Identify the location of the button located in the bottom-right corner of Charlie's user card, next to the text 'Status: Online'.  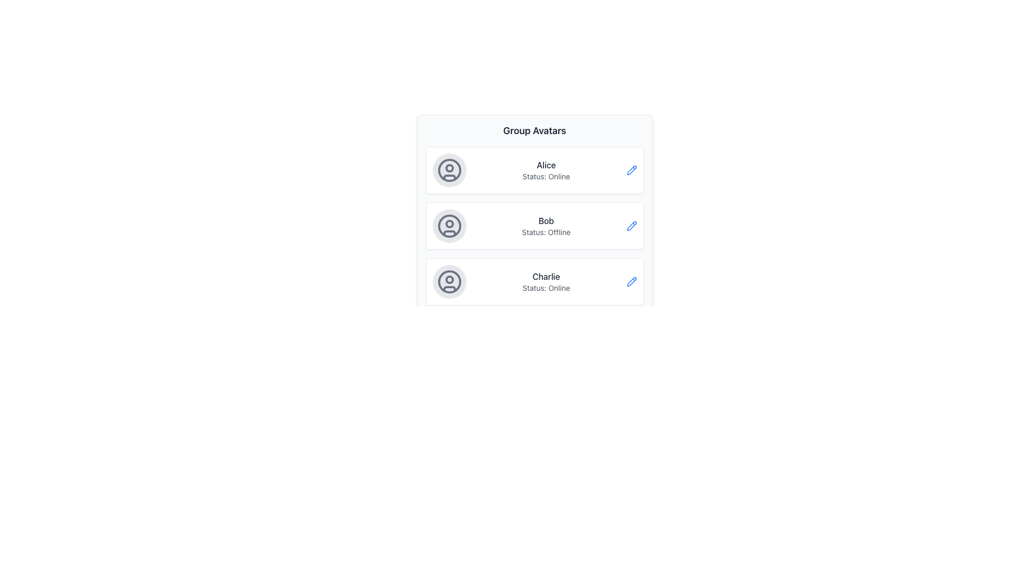
(631, 281).